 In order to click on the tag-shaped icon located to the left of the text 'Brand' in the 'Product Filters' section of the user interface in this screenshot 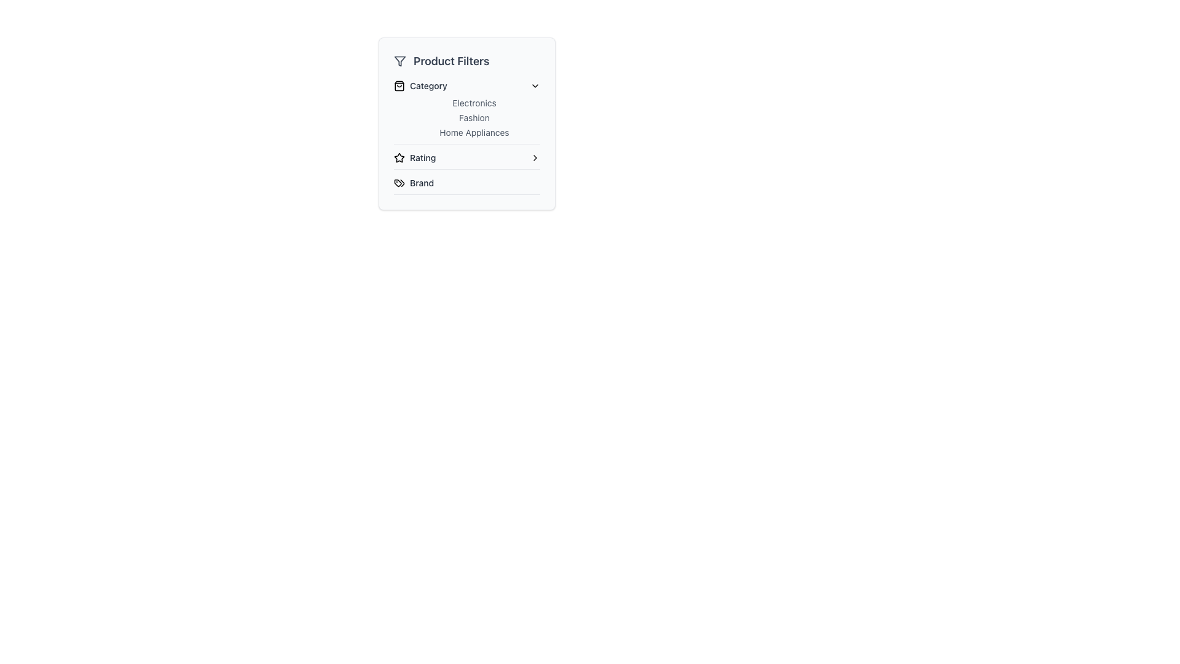, I will do `click(399, 183)`.